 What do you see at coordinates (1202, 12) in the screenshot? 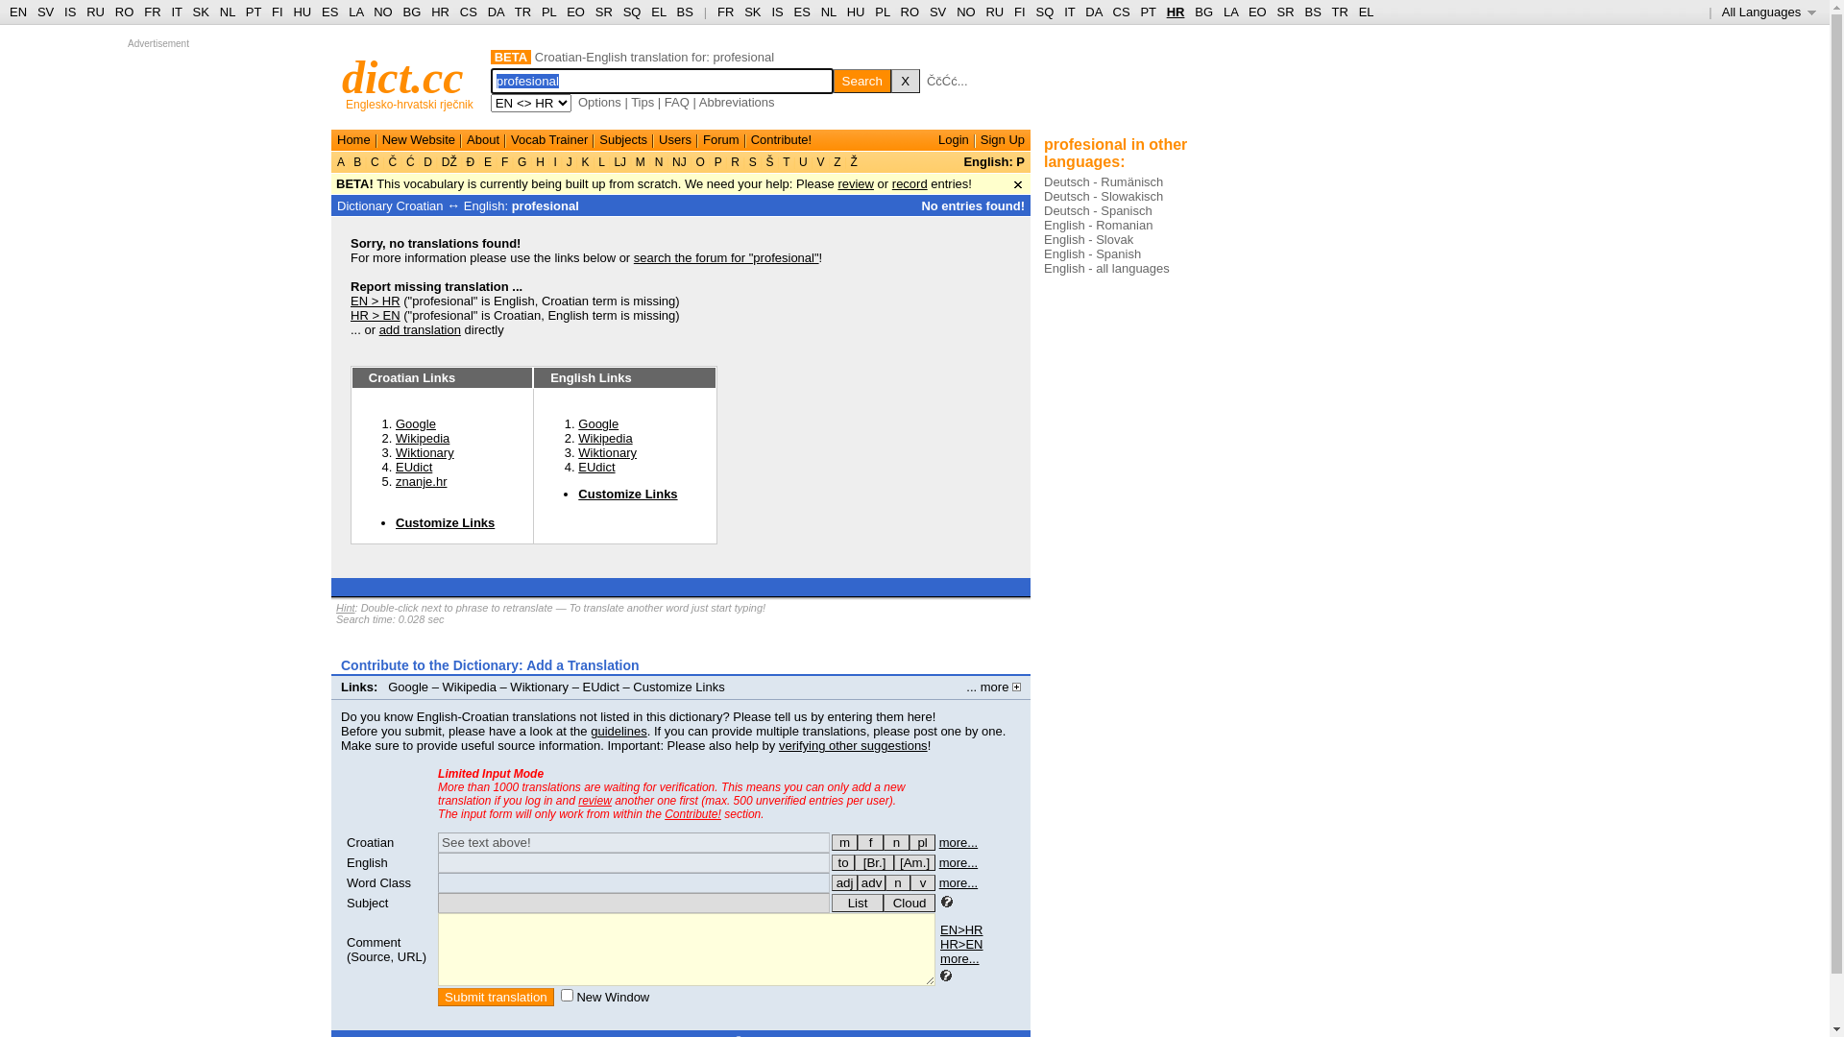
I see `'BG'` at bounding box center [1202, 12].